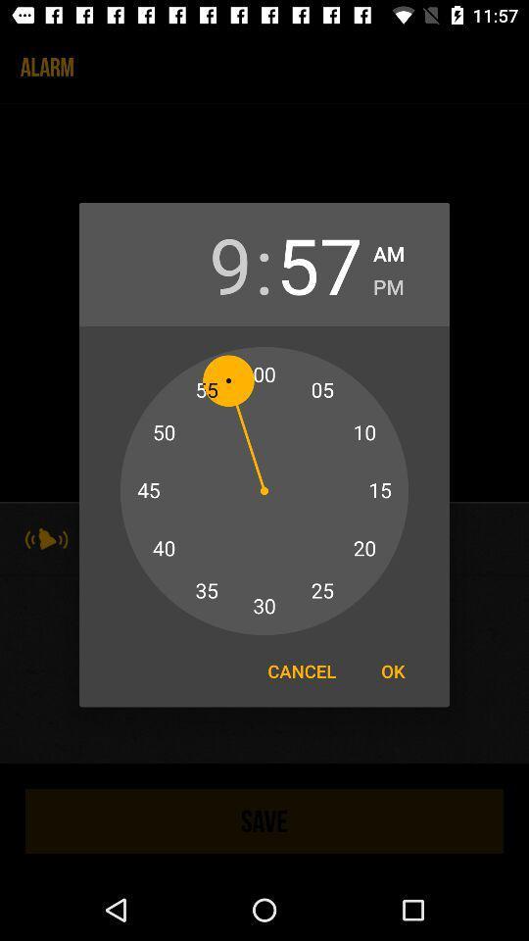  I want to click on the item next to the : icon, so click(208, 263).